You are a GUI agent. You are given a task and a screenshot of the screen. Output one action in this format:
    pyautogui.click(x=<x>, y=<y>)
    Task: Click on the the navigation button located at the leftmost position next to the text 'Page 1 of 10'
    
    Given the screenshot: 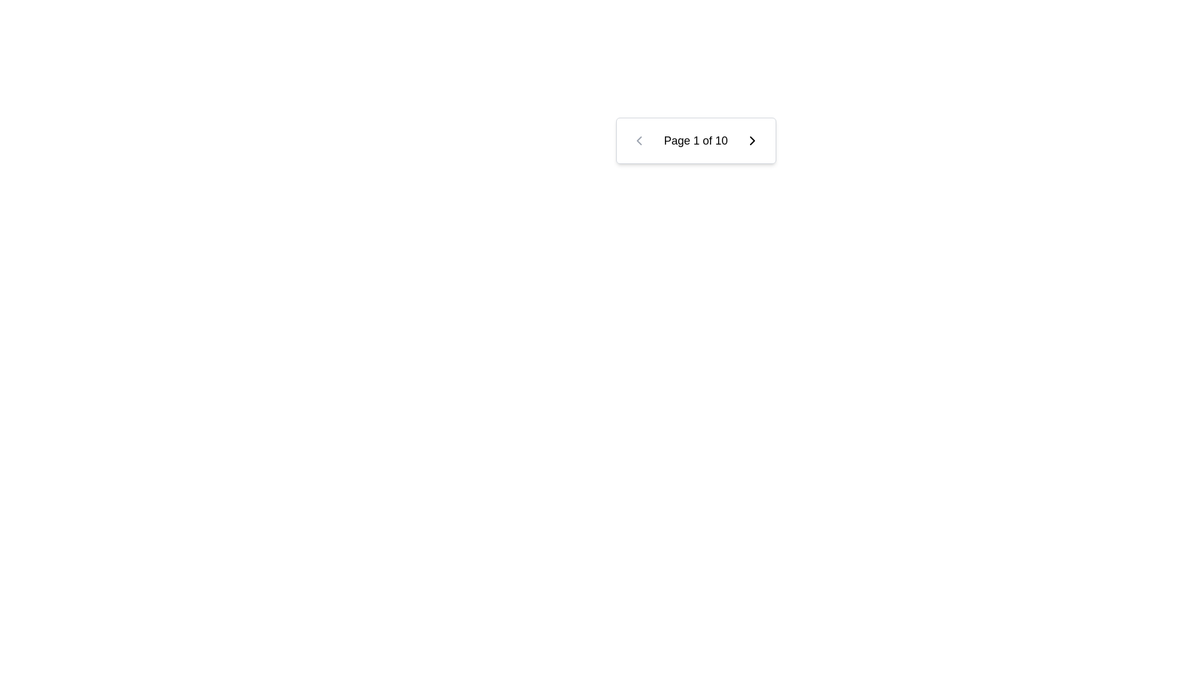 What is the action you would take?
    pyautogui.click(x=639, y=140)
    